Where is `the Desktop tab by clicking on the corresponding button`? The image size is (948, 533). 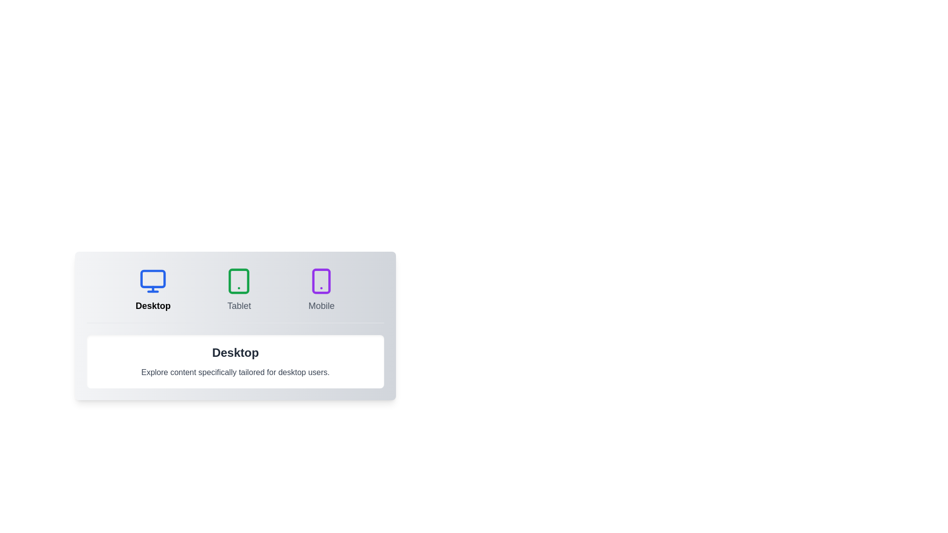
the Desktop tab by clicking on the corresponding button is located at coordinates (153, 289).